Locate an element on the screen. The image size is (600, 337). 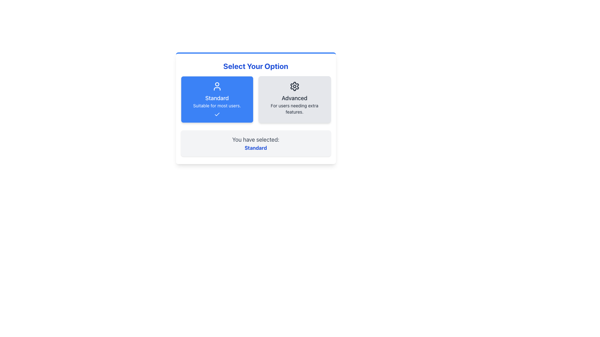
the state of the checkmark icon indicating that the 'Standard' option has been selected, located near the center of the blue button labeled 'Standard' is located at coordinates (217, 114).